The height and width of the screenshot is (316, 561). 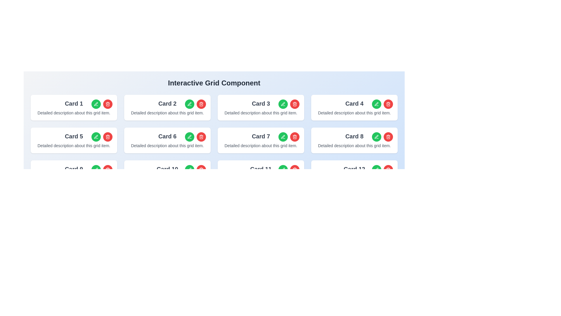 I want to click on the pen or edit tool icon located in the top-right corner of the seventh card in the grid layout, so click(x=283, y=137).